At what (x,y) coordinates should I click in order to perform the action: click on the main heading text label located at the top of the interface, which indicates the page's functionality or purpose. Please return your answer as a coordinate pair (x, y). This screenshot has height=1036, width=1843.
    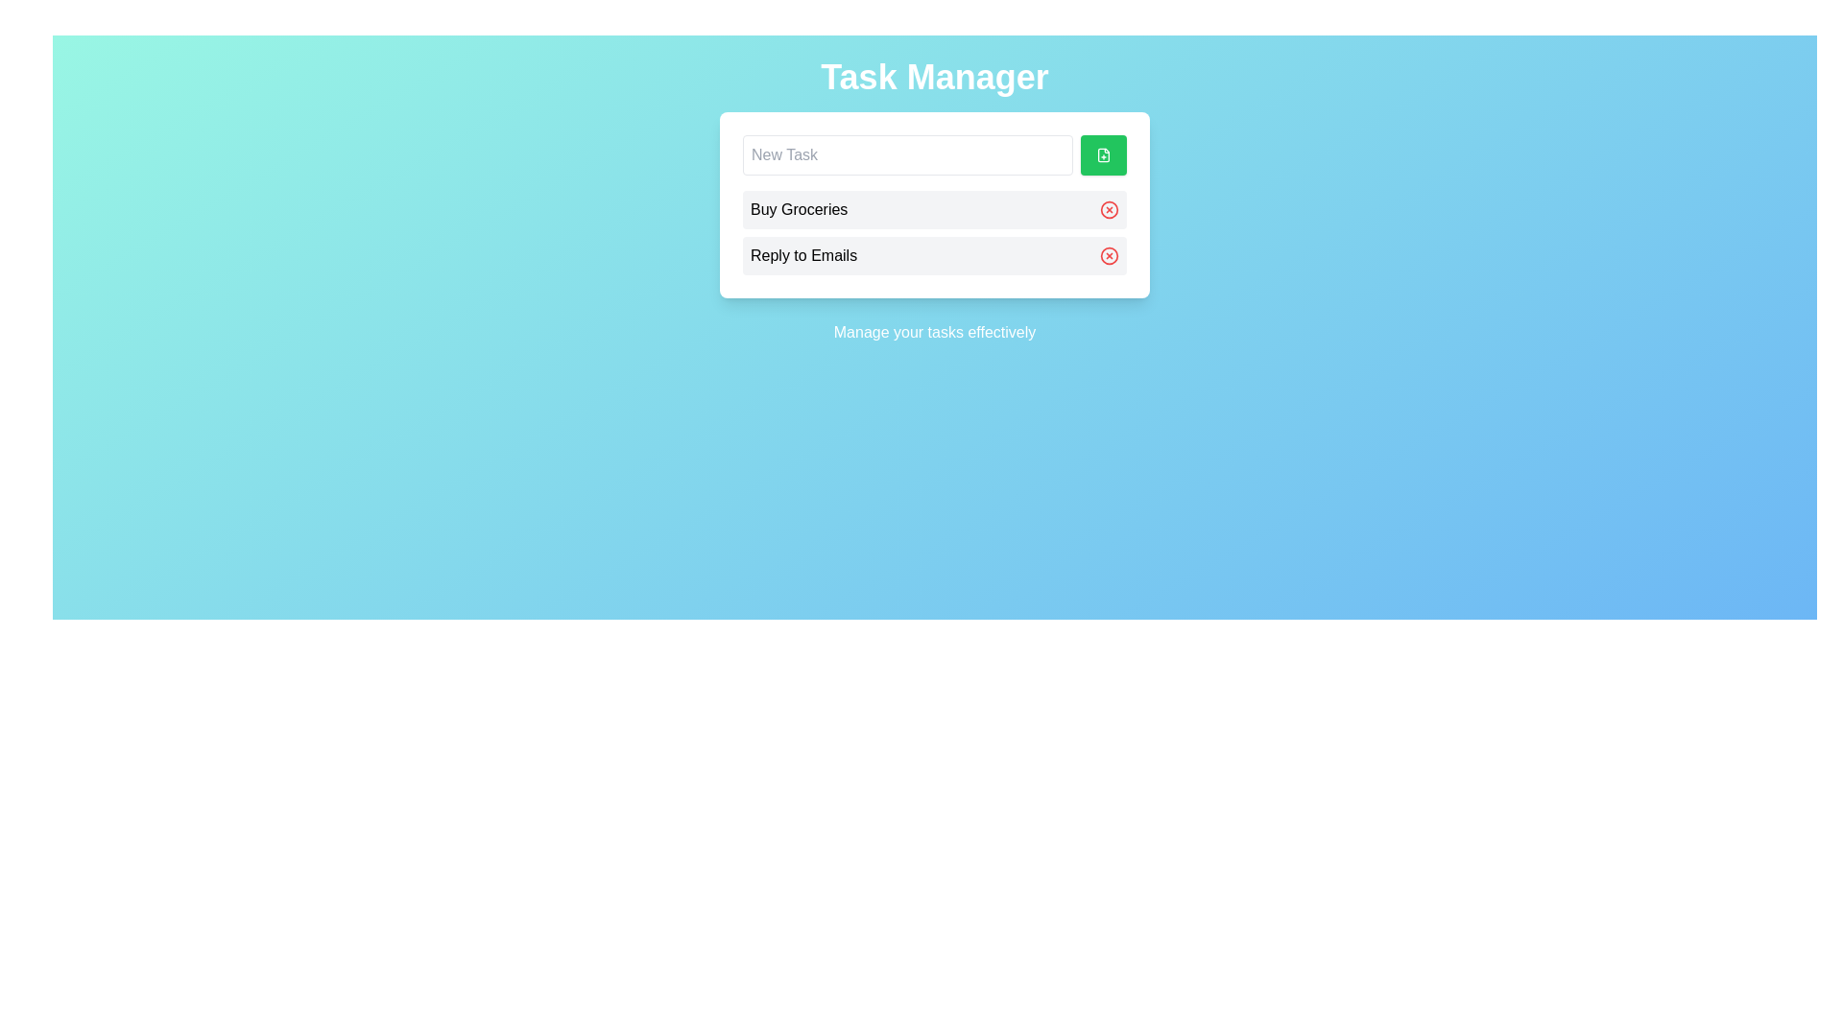
    Looking at the image, I should click on (935, 77).